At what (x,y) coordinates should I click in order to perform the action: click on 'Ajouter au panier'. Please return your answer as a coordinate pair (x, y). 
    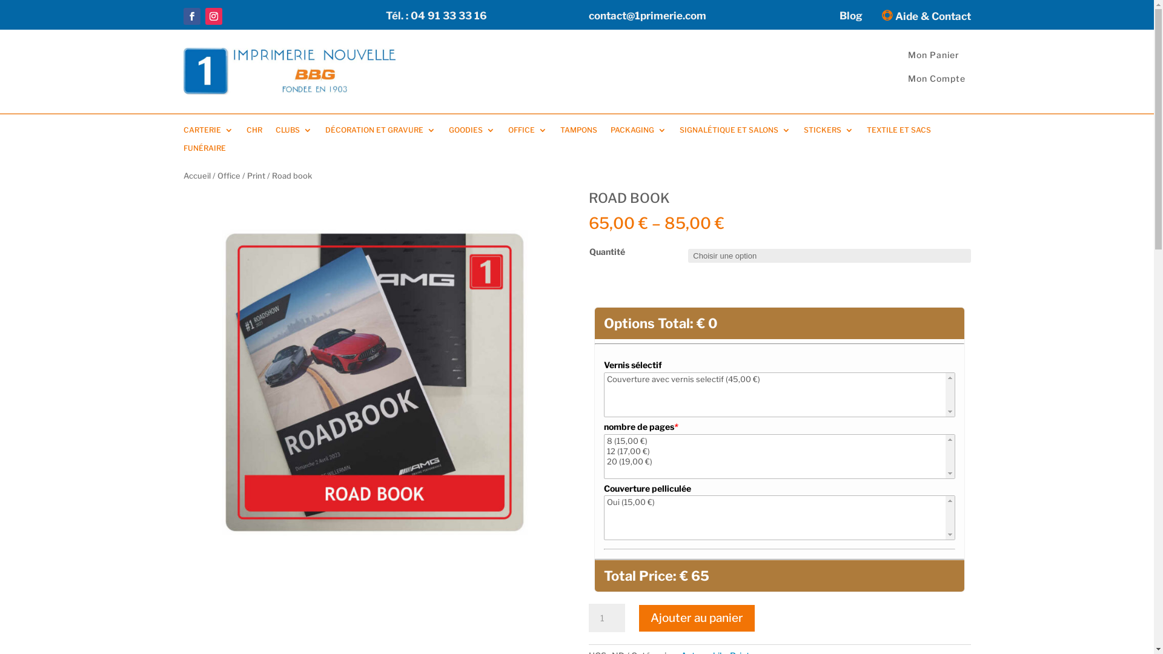
    Looking at the image, I should click on (697, 618).